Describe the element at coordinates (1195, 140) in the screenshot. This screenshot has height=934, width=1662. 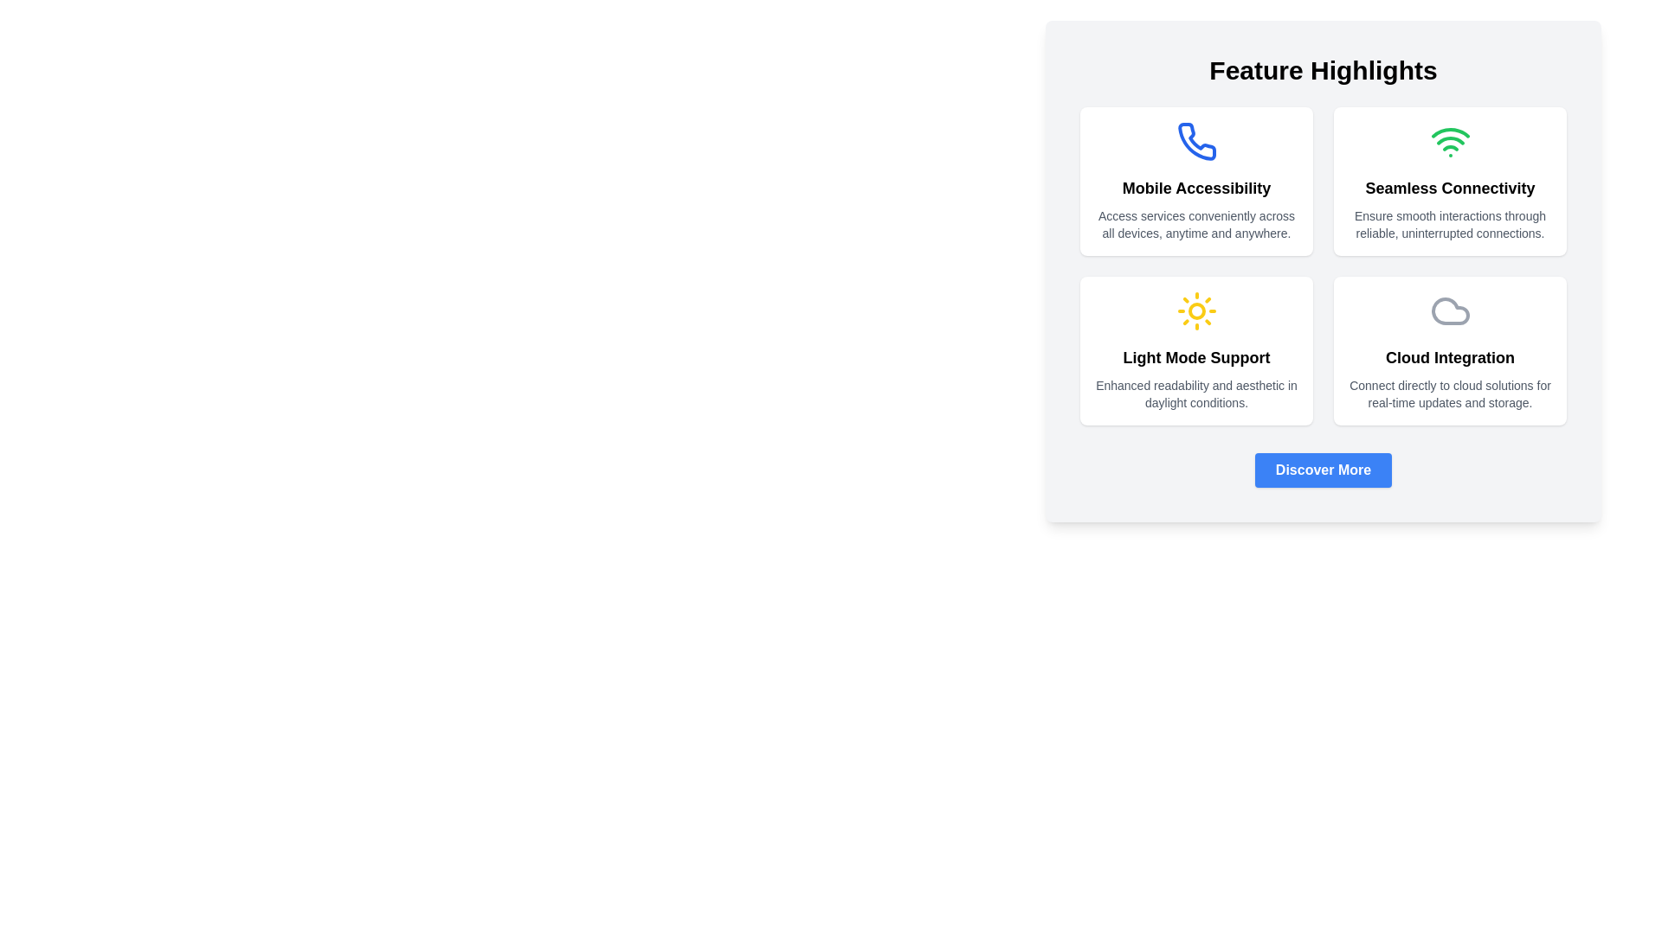
I see `the blue telephone handset icon located in the 'Mobile Accessibility' section of the interface` at that location.